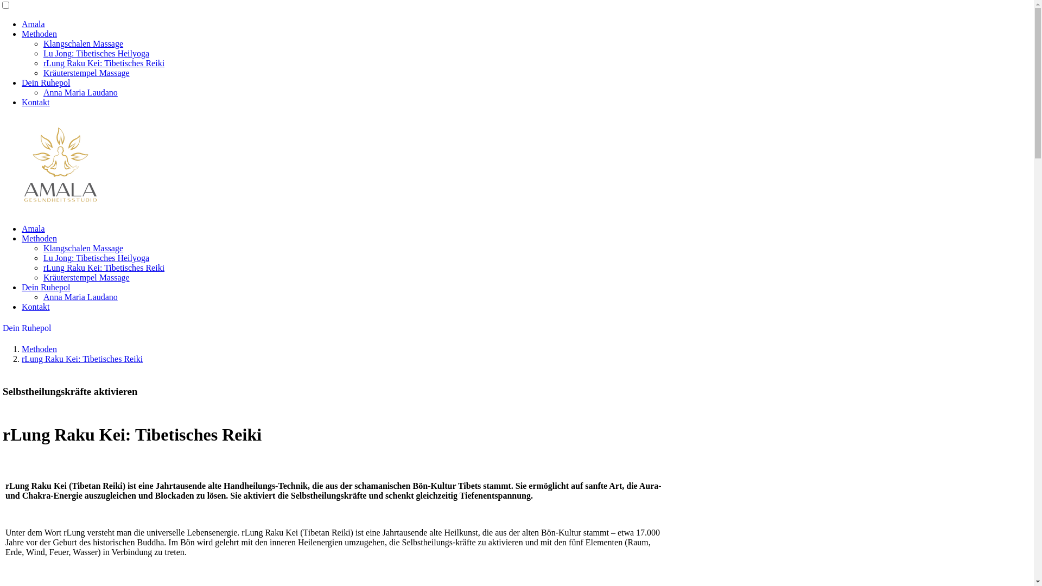  Describe the element at coordinates (21, 359) in the screenshot. I see `'rLung Raku Kei: Tibetisches Reiki'` at that location.